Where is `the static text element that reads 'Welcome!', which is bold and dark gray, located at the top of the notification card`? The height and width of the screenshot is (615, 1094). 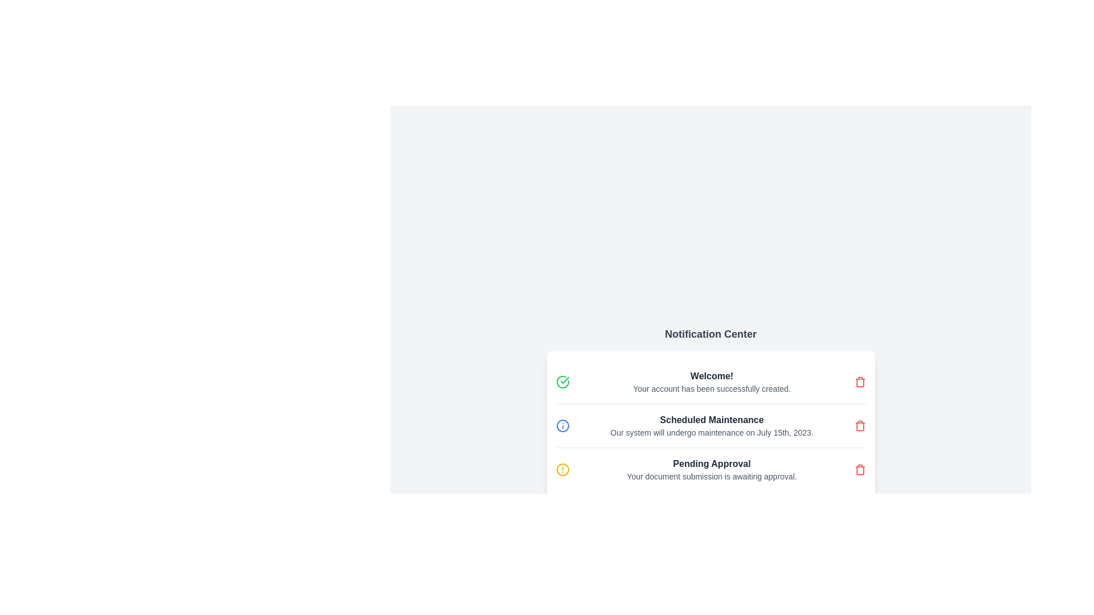
the static text element that reads 'Welcome!', which is bold and dark gray, located at the top of the notification card is located at coordinates (711, 376).